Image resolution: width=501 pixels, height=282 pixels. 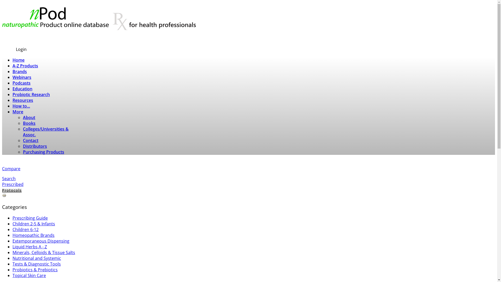 What do you see at coordinates (21, 106) in the screenshot?
I see `'How to...'` at bounding box center [21, 106].